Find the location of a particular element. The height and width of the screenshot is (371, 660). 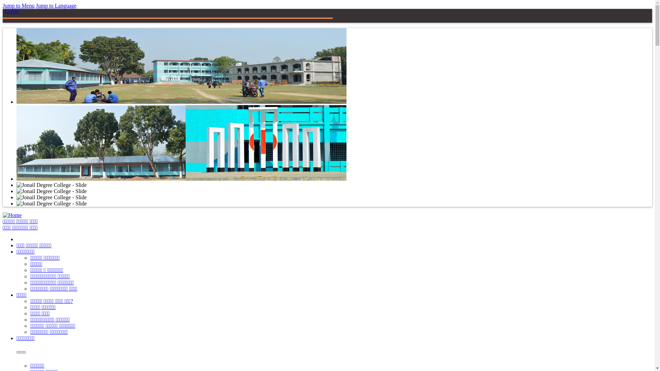

'Jump to Menu' is located at coordinates (18, 5).